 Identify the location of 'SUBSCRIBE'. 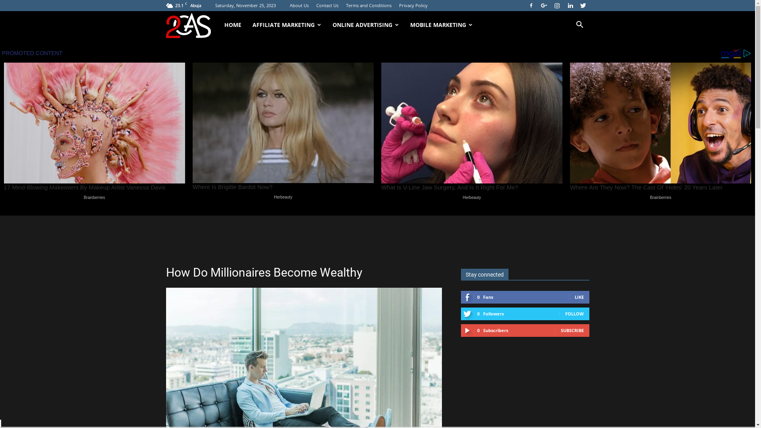
(572, 330).